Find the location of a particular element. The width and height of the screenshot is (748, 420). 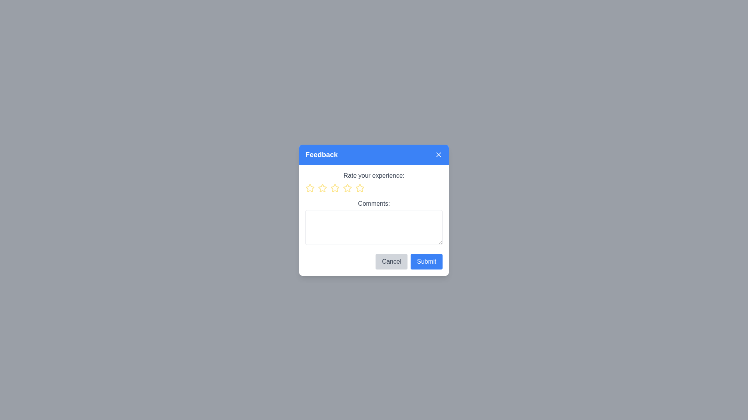

the 'Feedback' static text label displayed in bold font on a blue background, located at the top-left corner of the dialog box is located at coordinates (321, 154).